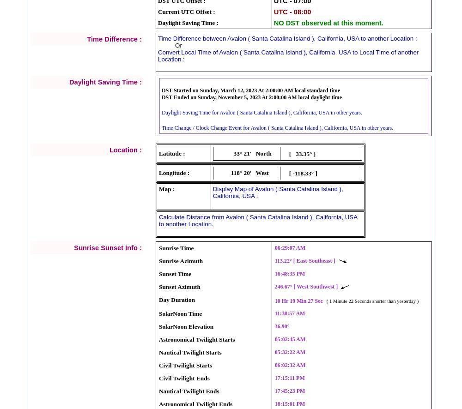  Describe the element at coordinates (277, 127) in the screenshot. I see `'Time Change / Clock Change Event for Avalon ( Santa Catalina Island ), California, USA in other years.'` at that location.